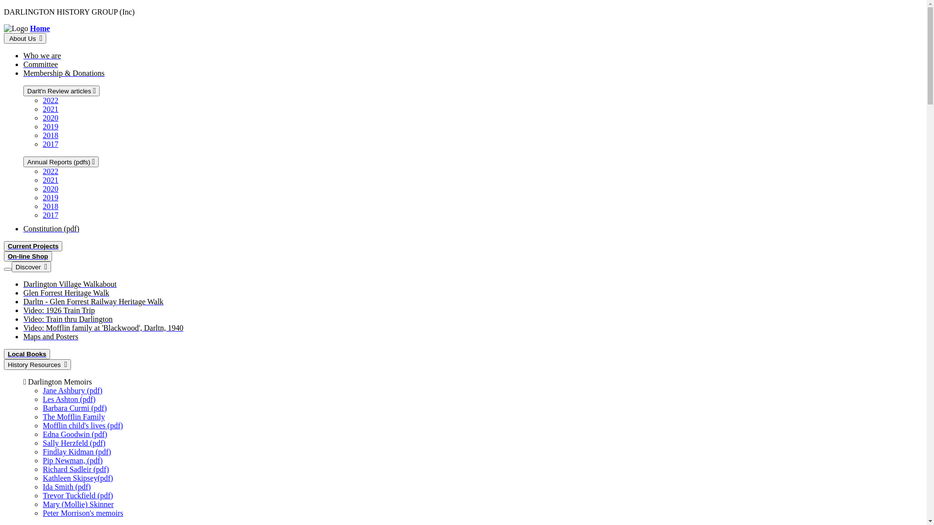 Image resolution: width=934 pixels, height=525 pixels. Describe the element at coordinates (50, 144) in the screenshot. I see `'2017'` at that location.